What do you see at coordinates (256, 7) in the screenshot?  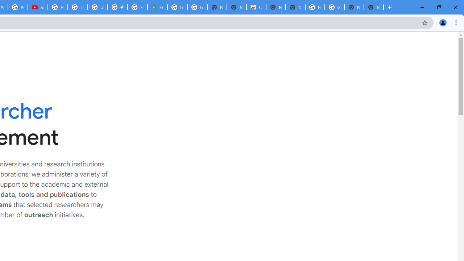 I see `'Chrome Web Store'` at bounding box center [256, 7].